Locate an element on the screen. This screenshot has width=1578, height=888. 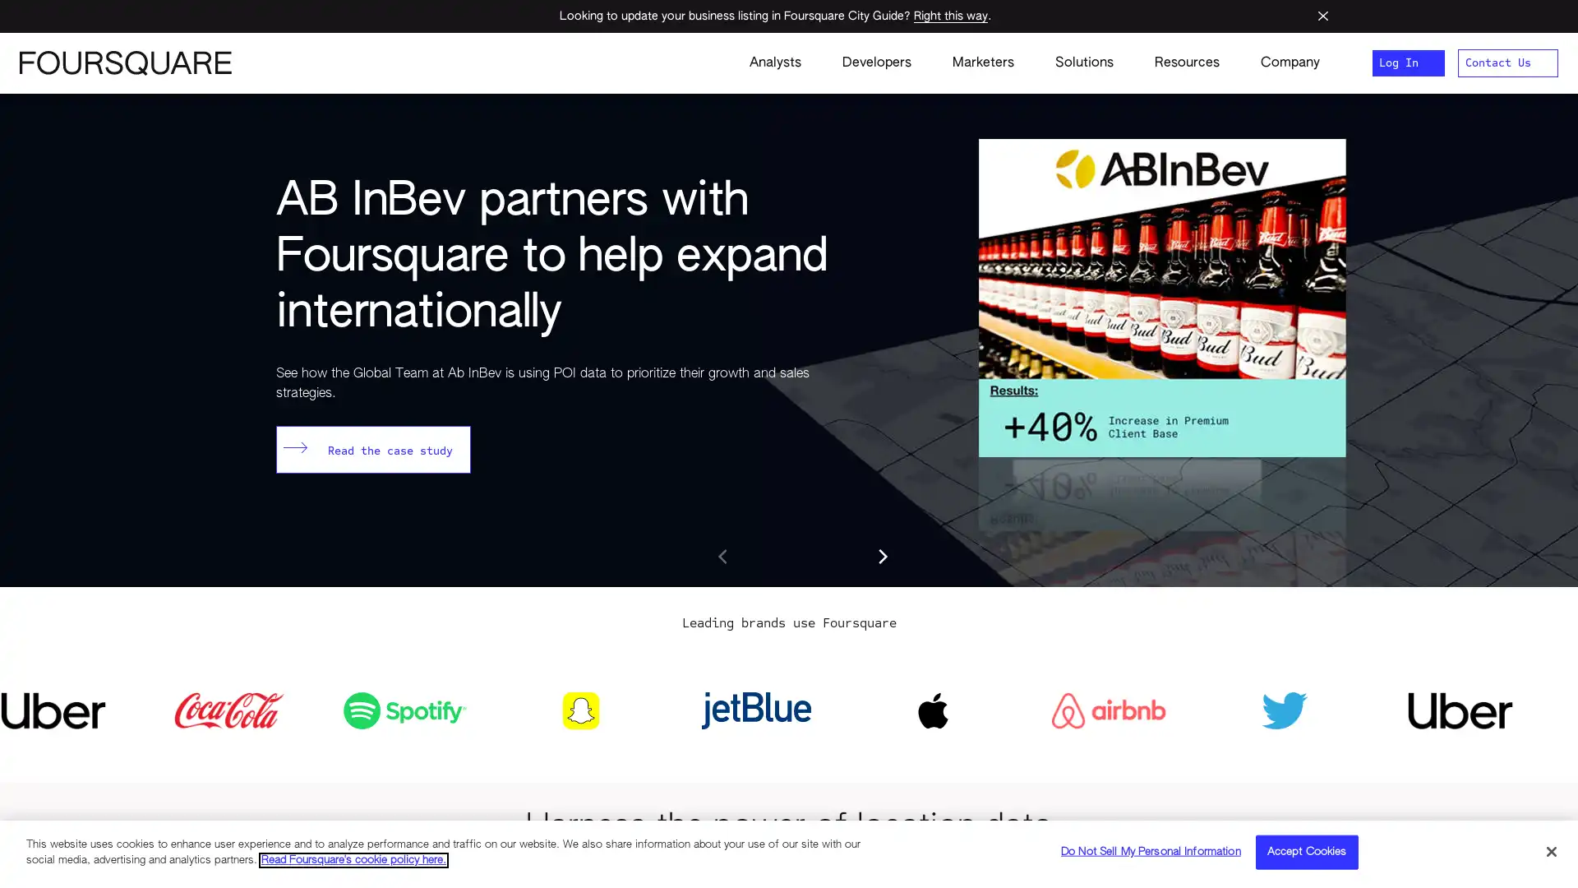
Previous is located at coordinates (723, 556).